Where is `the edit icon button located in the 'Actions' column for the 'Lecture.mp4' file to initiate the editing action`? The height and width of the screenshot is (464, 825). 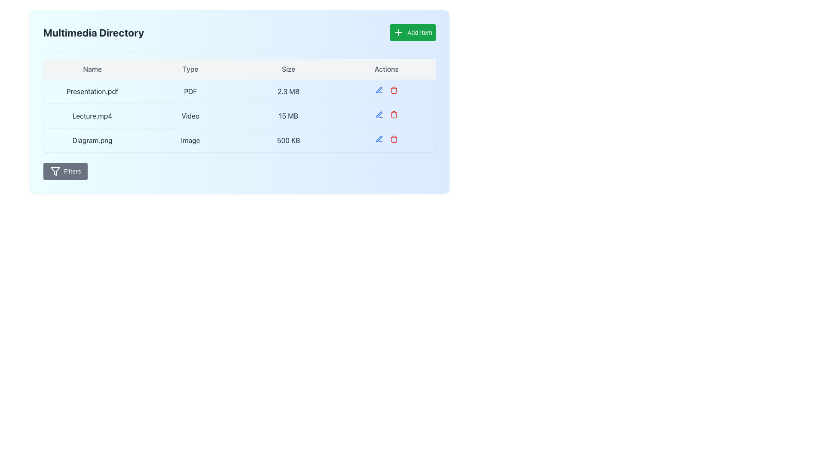 the edit icon button located in the 'Actions' column for the 'Lecture.mp4' file to initiate the editing action is located at coordinates (379, 114).